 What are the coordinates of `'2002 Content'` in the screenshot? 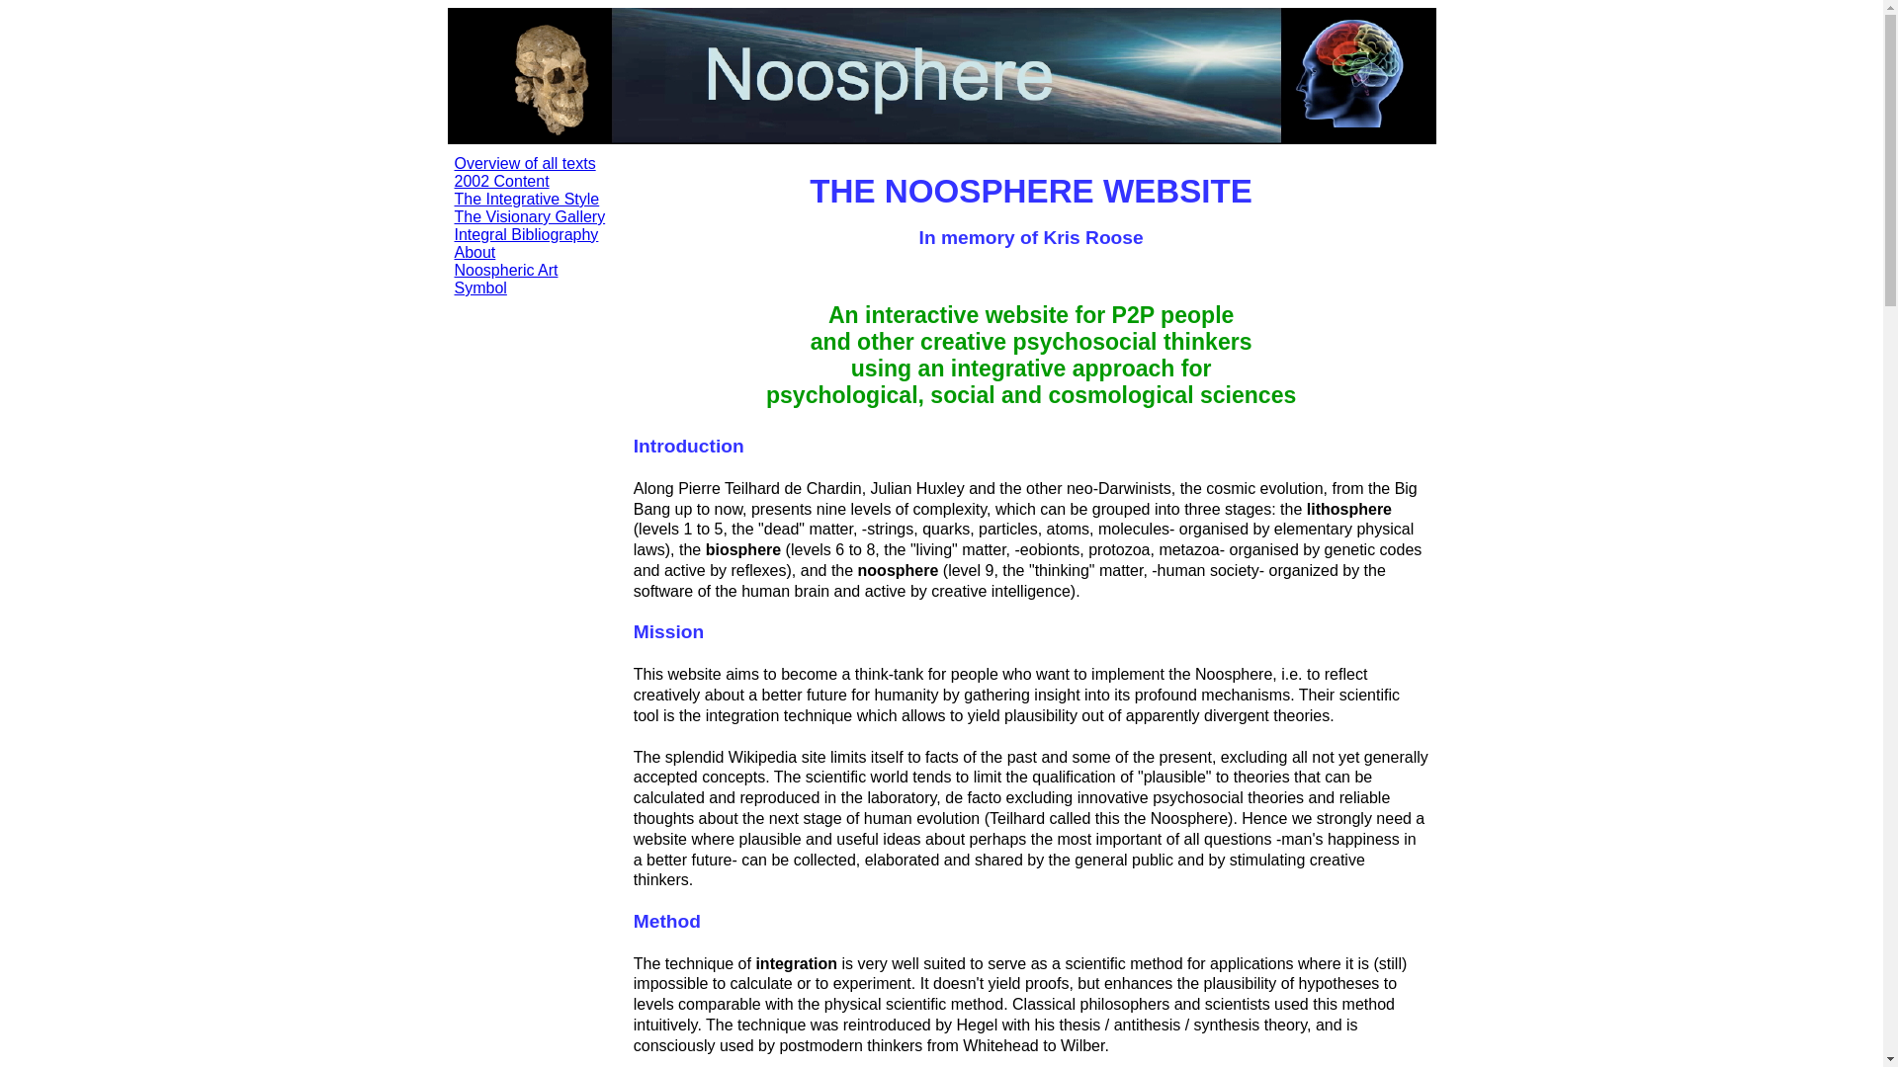 It's located at (454, 181).